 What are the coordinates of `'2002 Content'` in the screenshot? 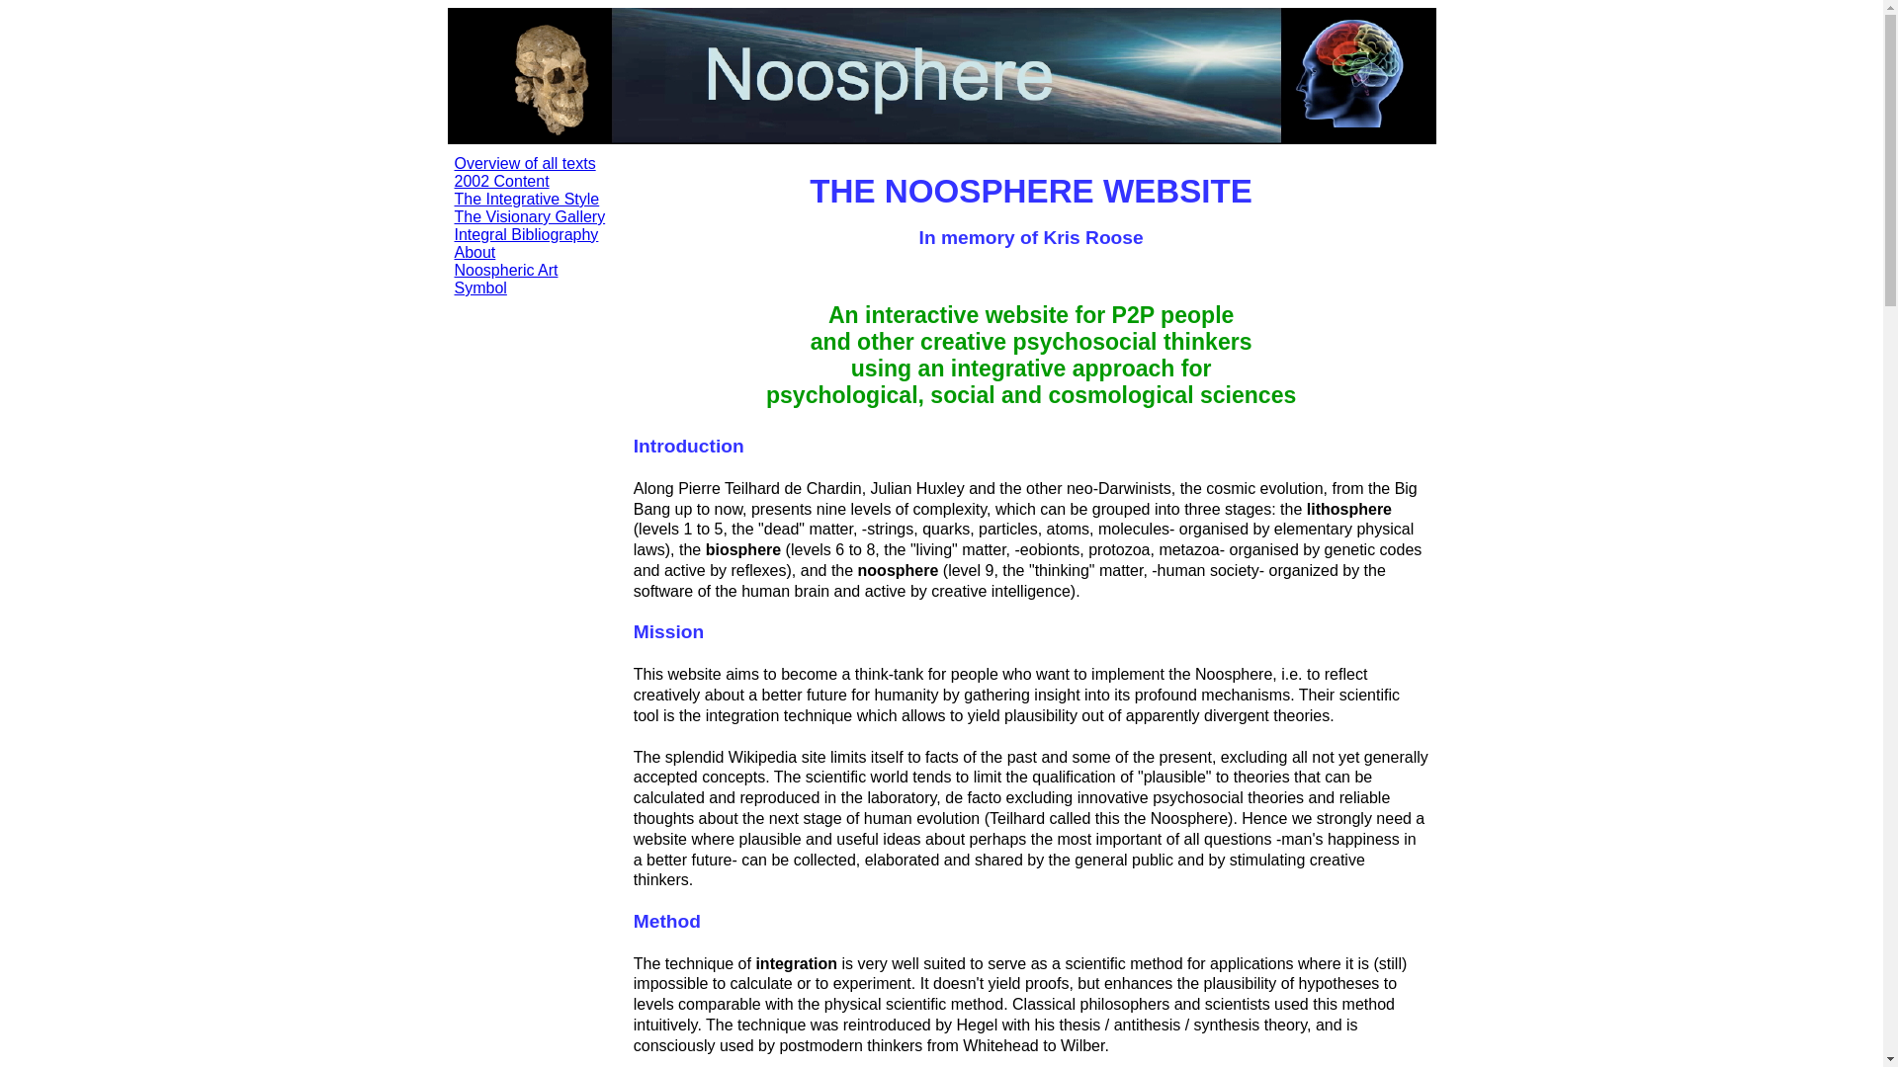 It's located at (454, 181).